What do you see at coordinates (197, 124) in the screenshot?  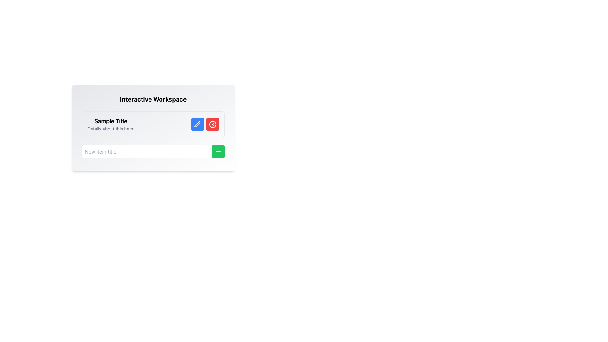 I see `the edit button located to the right of the 'Sample Title'` at bounding box center [197, 124].